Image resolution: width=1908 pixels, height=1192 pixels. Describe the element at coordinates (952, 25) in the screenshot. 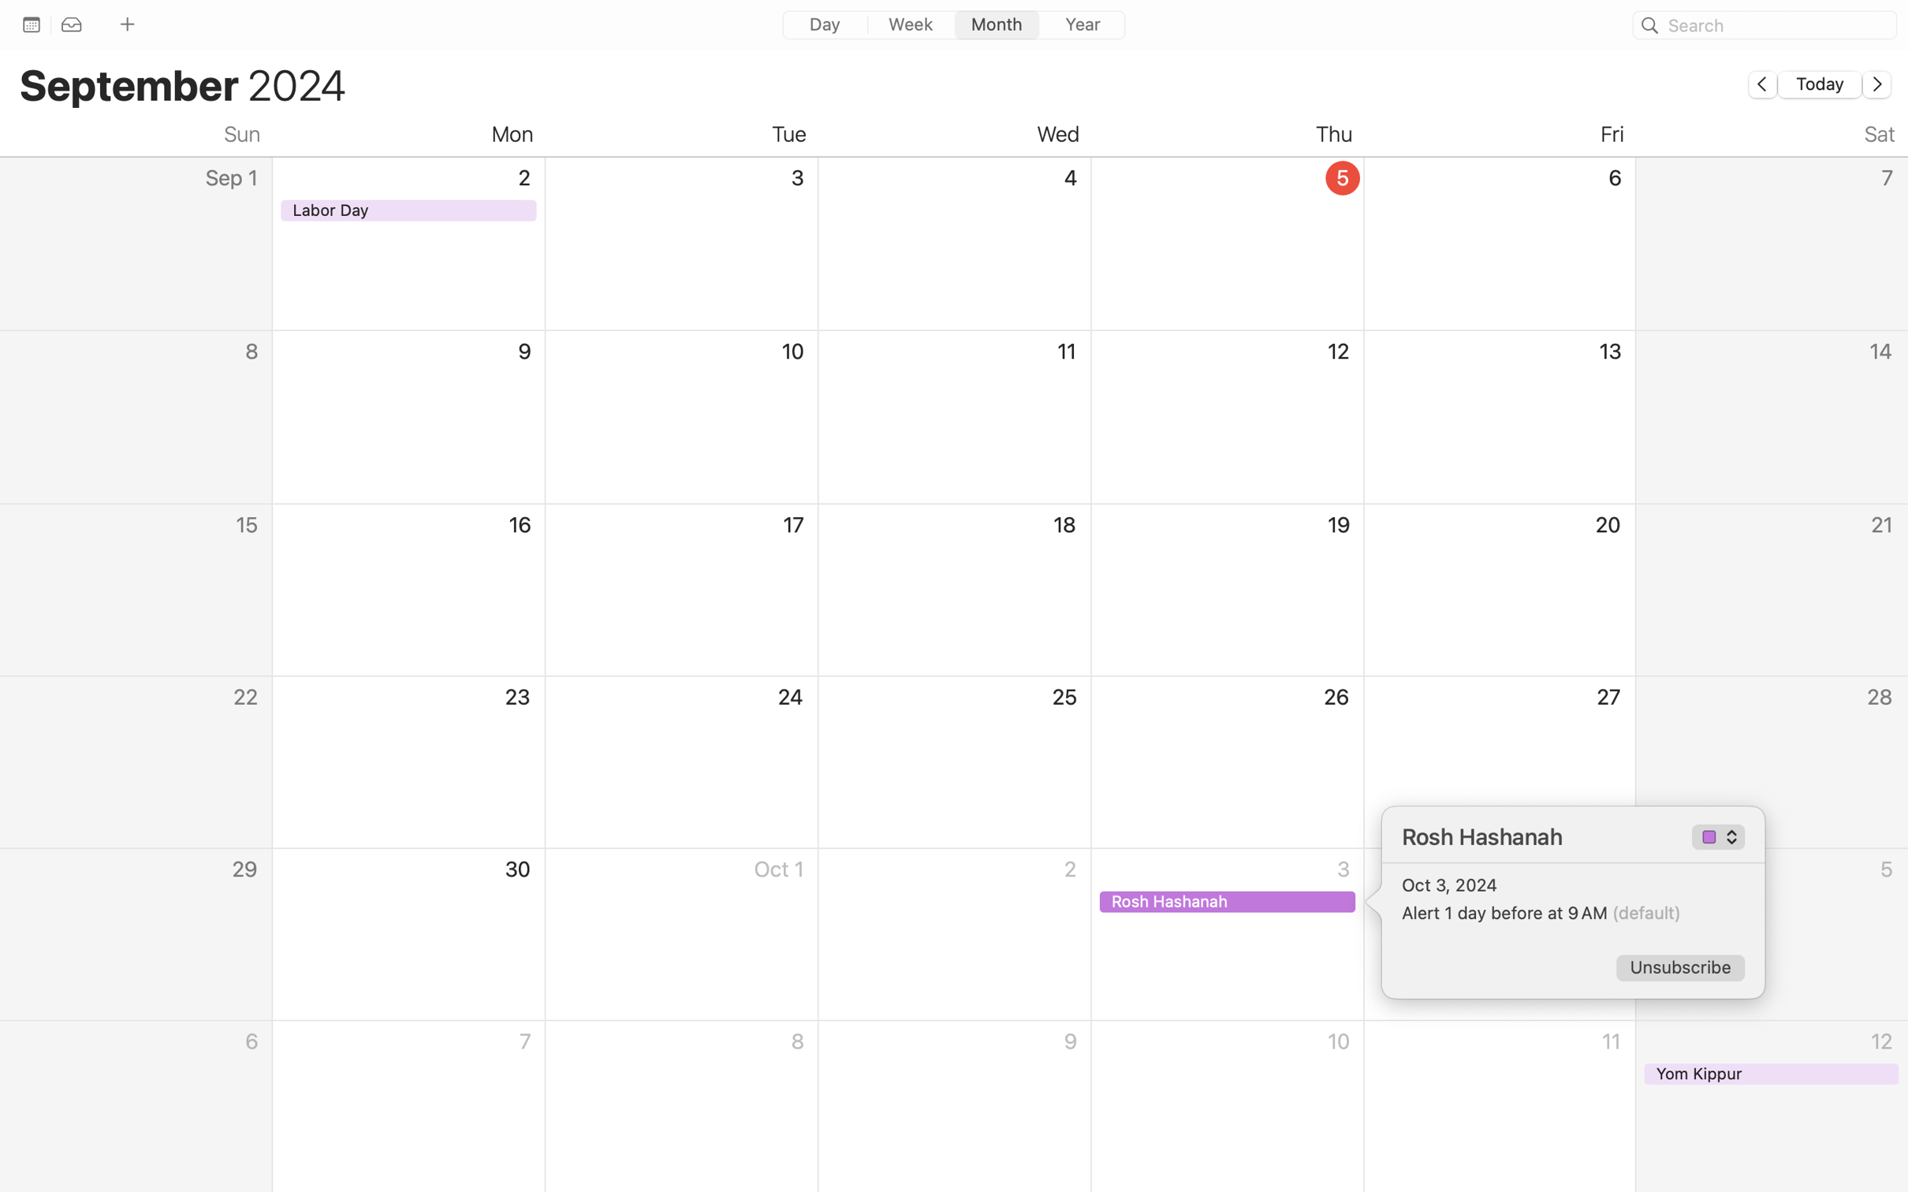

I see `'<AXUIElement 0x14575cfc0> {pid=1173}'` at that location.